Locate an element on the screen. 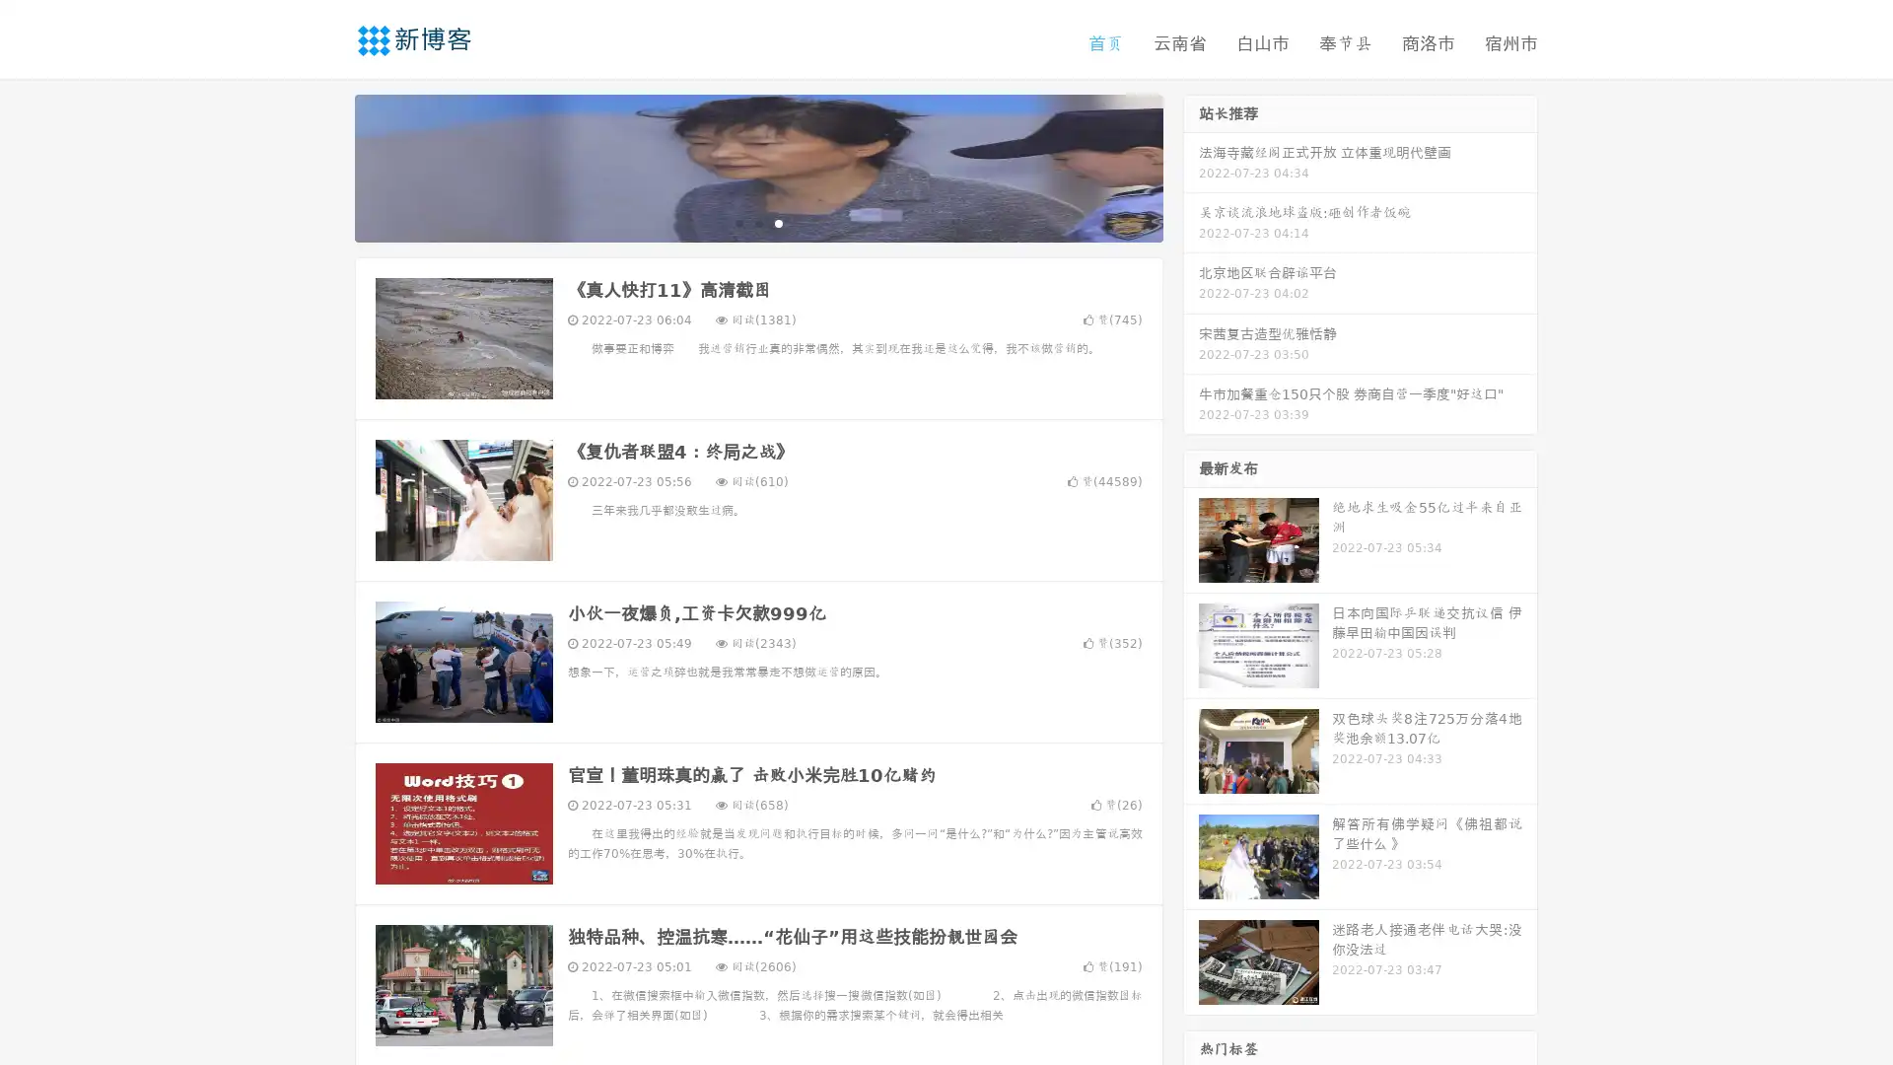  Previous slide is located at coordinates (325, 166).